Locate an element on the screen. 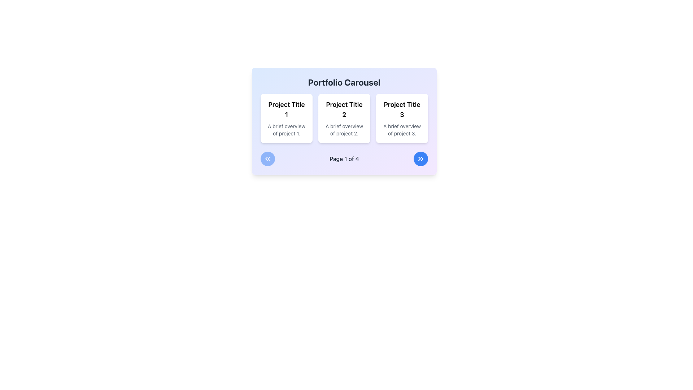 This screenshot has height=390, width=693. the second informational card in the Portfolio Carousel, which presents a project overview with a title and description is located at coordinates (344, 118).